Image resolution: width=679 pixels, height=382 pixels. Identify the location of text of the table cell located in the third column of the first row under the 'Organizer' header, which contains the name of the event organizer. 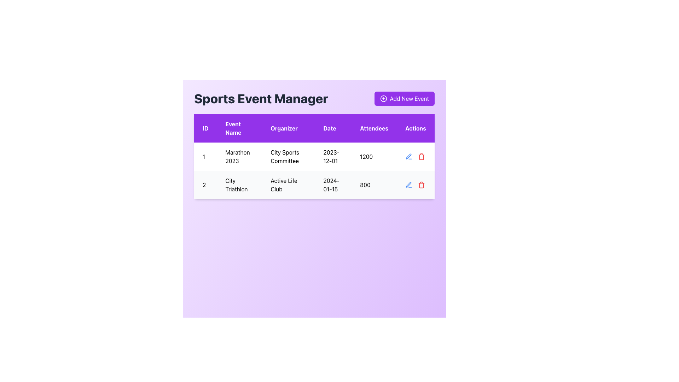
(289, 156).